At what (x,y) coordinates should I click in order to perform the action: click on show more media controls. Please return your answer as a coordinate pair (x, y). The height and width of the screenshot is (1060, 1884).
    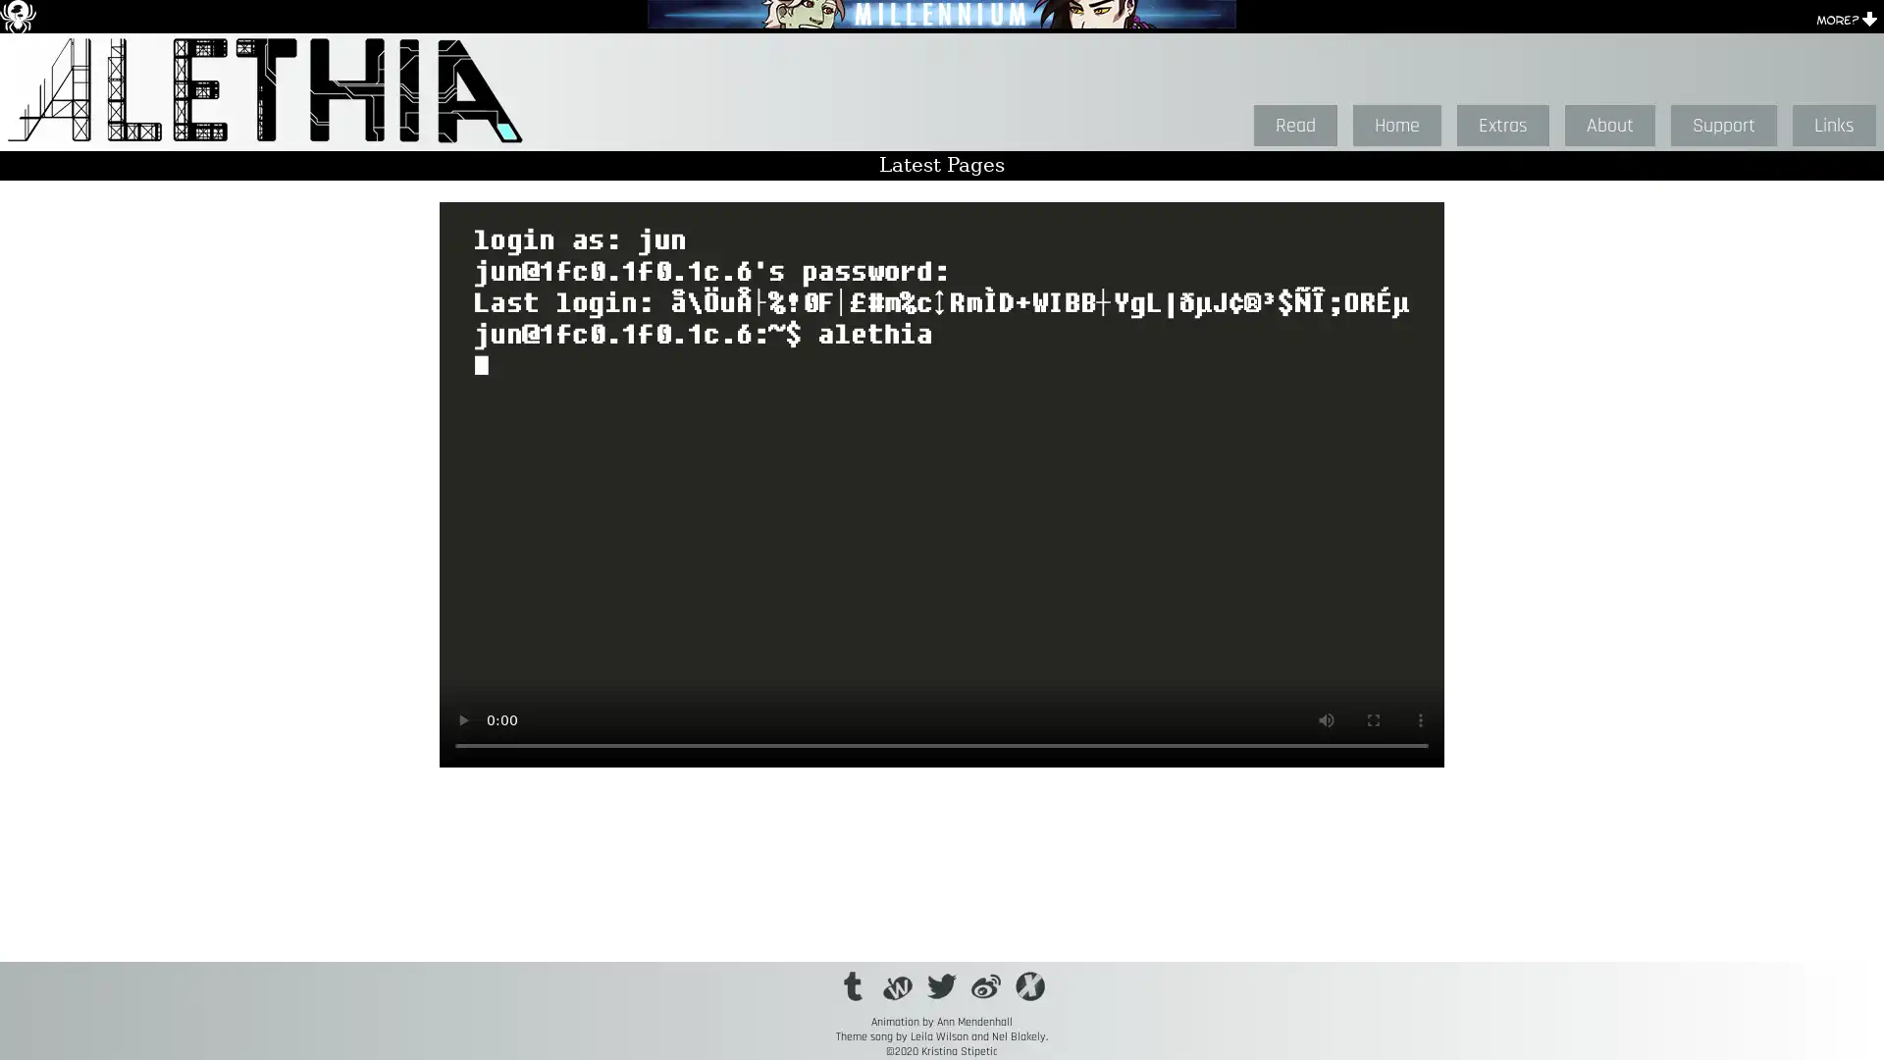
    Looking at the image, I should click on (1421, 719).